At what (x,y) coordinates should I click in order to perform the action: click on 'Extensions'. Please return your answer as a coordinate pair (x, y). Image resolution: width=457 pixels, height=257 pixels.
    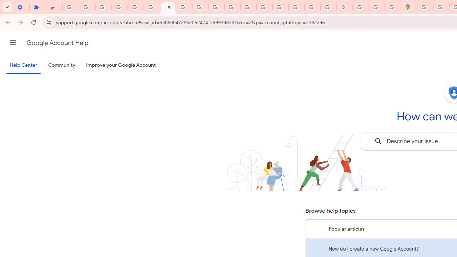
    Looking at the image, I should click on (37, 7).